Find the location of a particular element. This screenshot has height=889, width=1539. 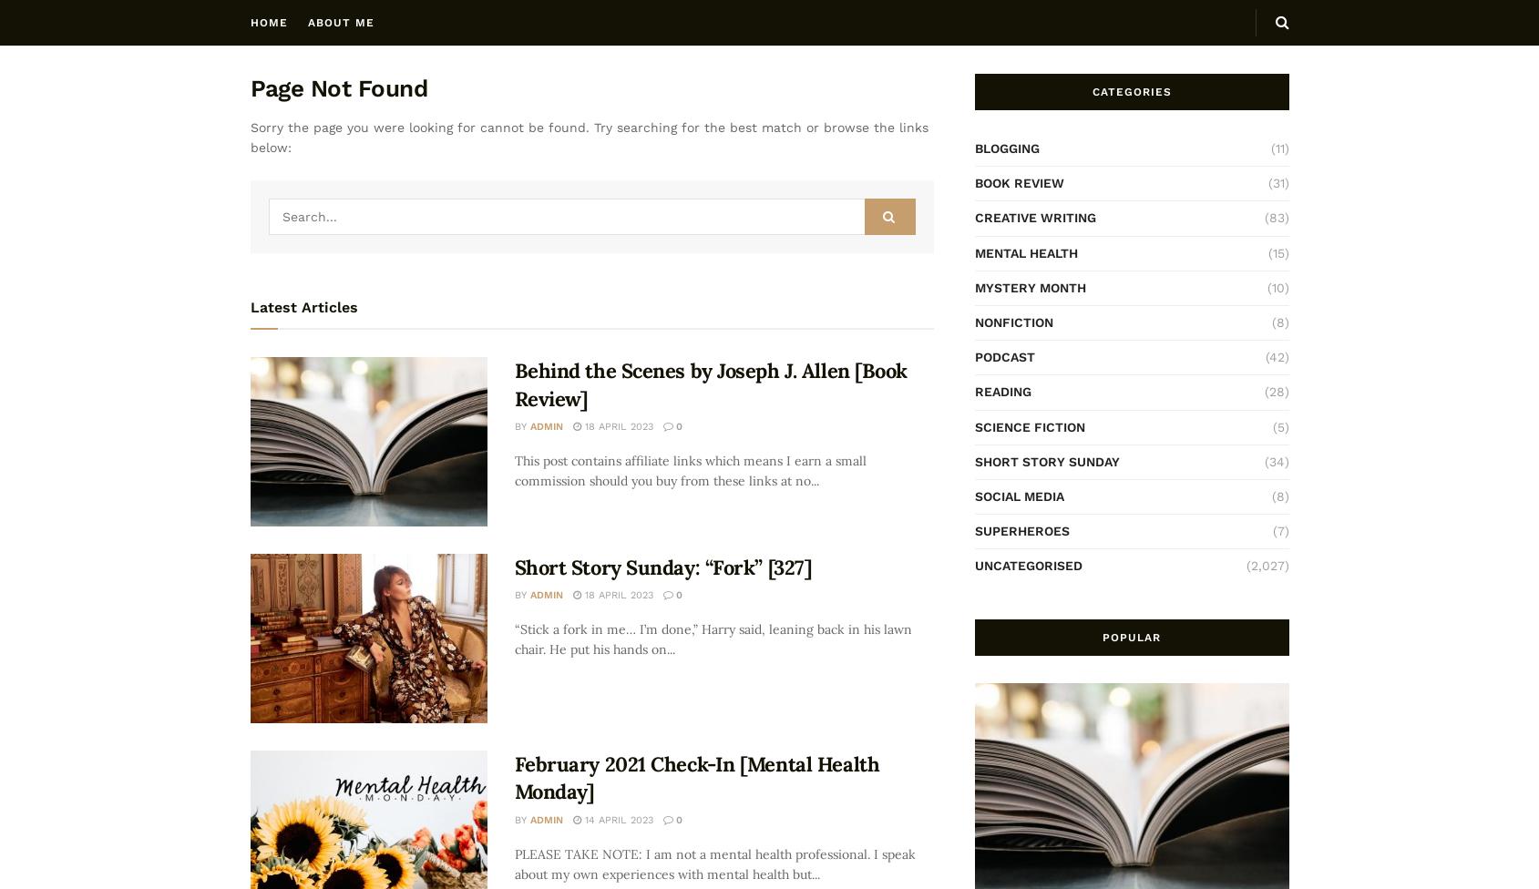

'Uncategorised' is located at coordinates (1027, 565).